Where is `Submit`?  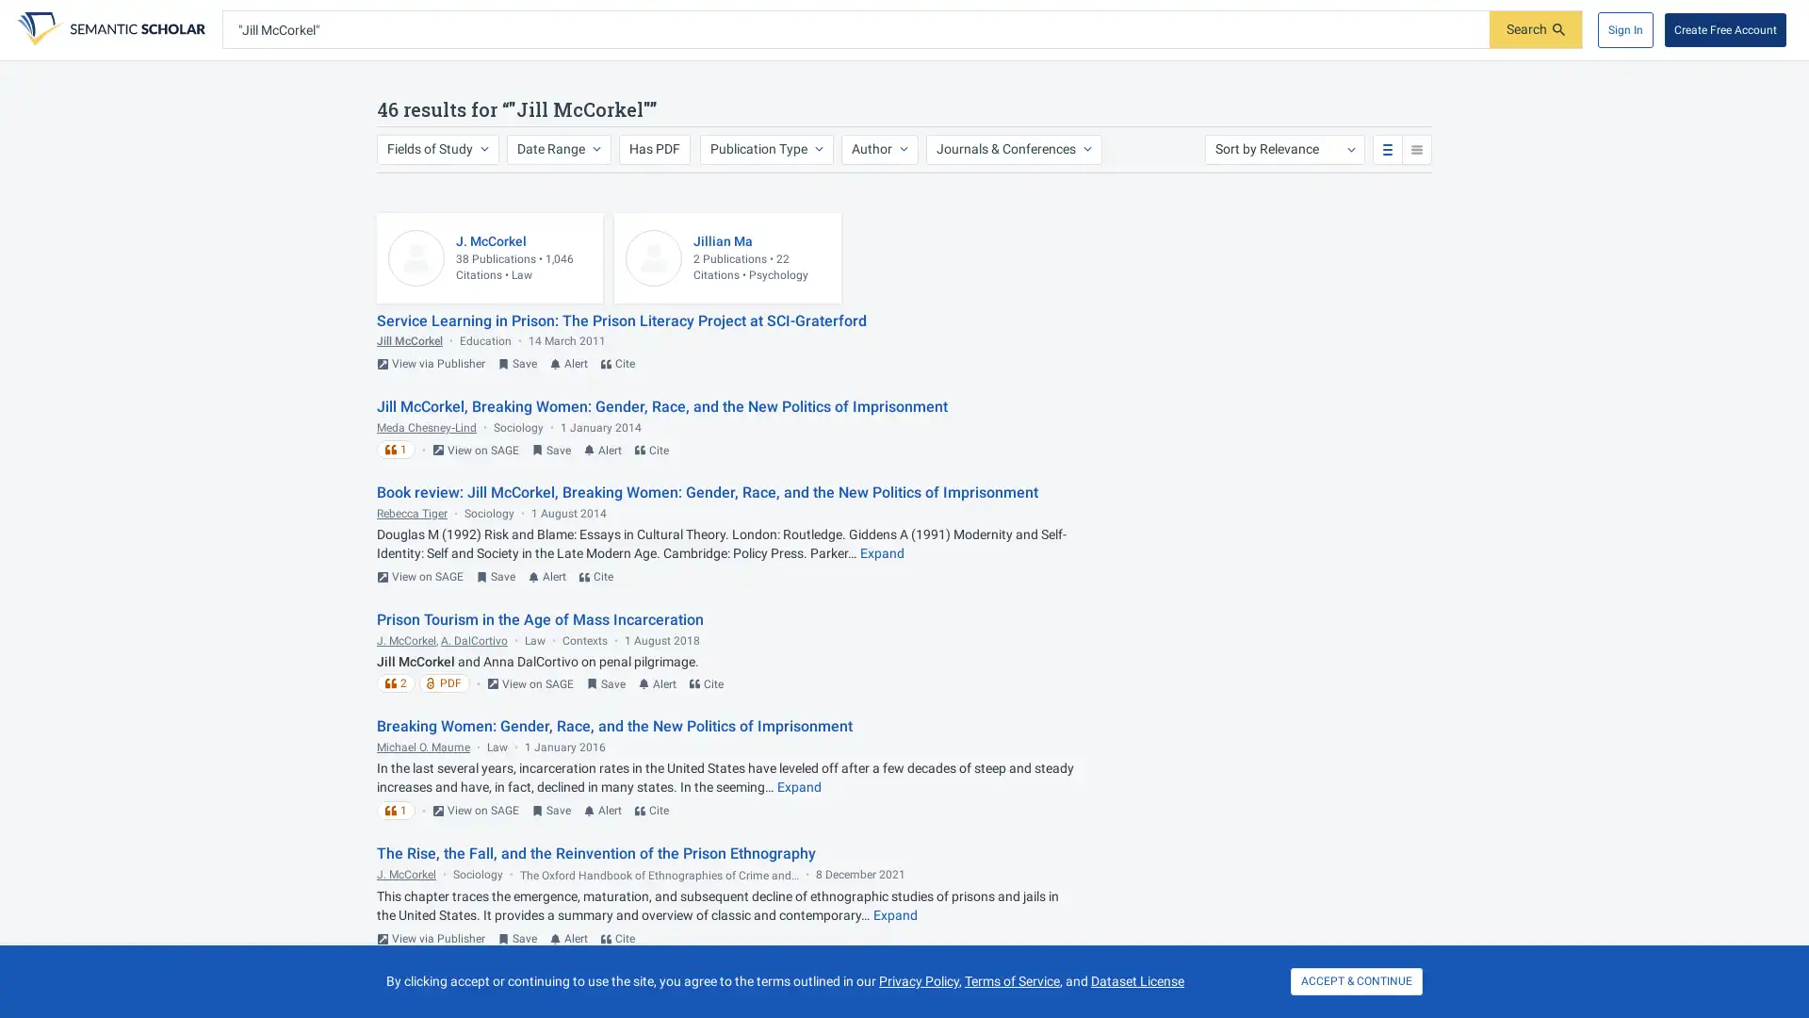
Submit is located at coordinates (1536, 29).